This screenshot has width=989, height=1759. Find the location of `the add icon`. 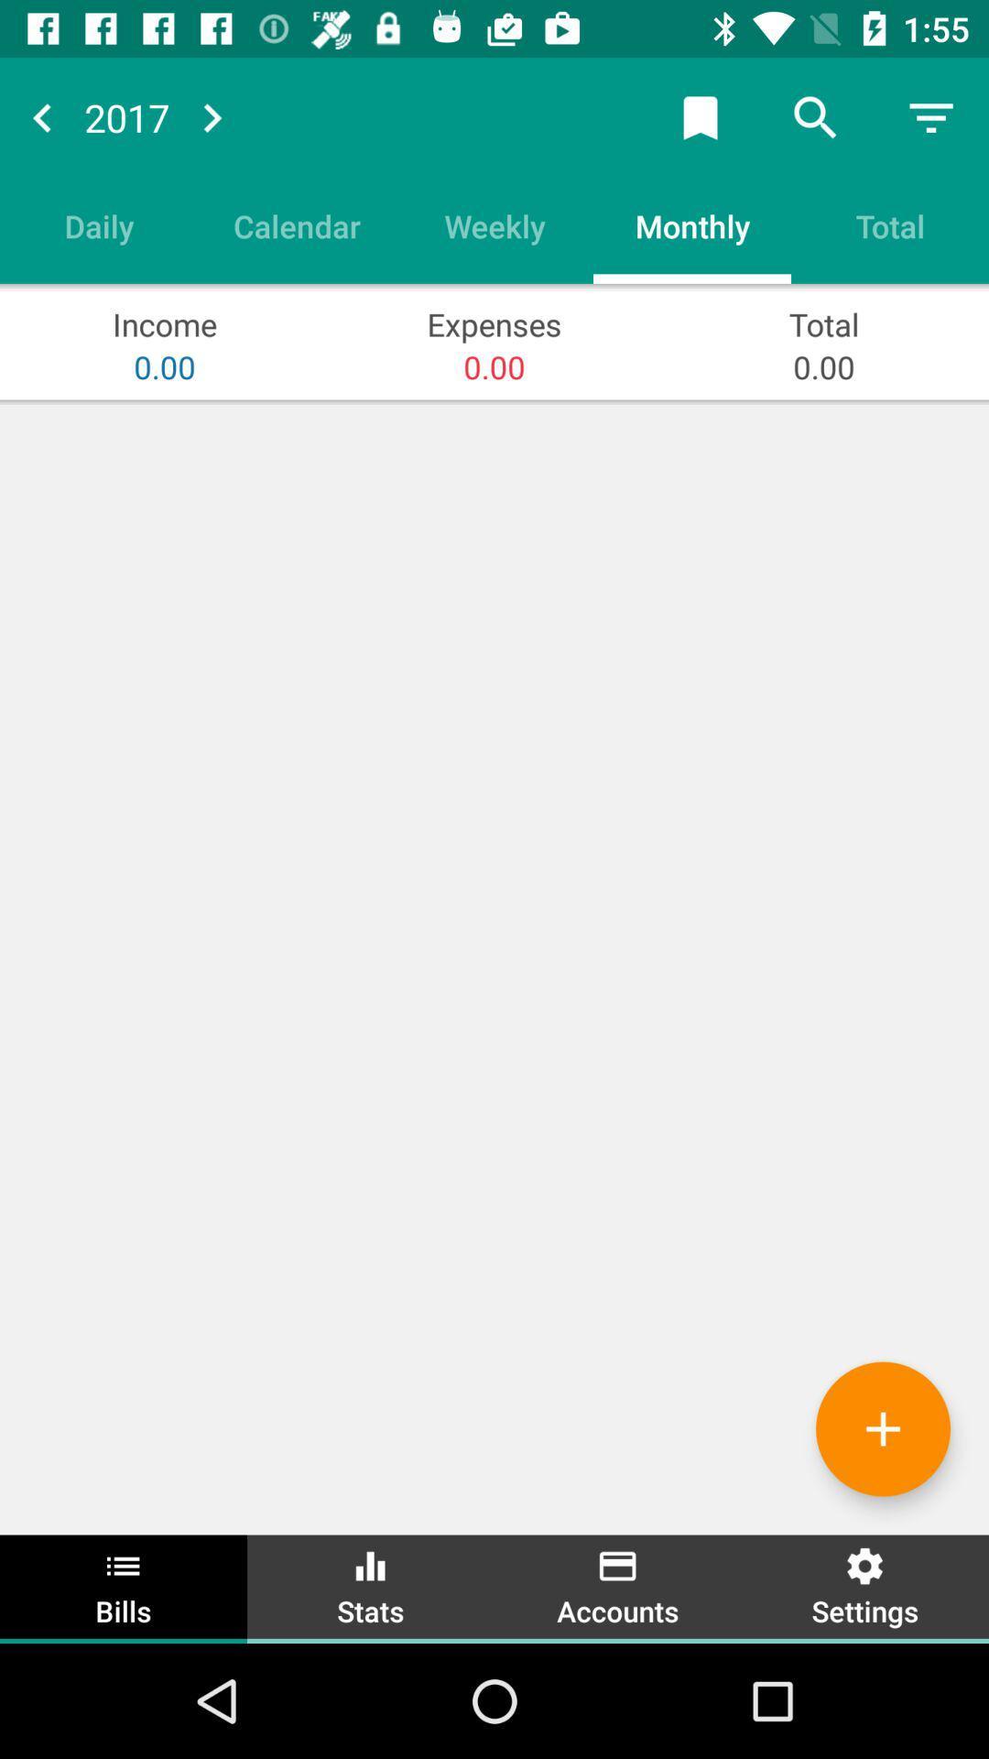

the add icon is located at coordinates (882, 1428).